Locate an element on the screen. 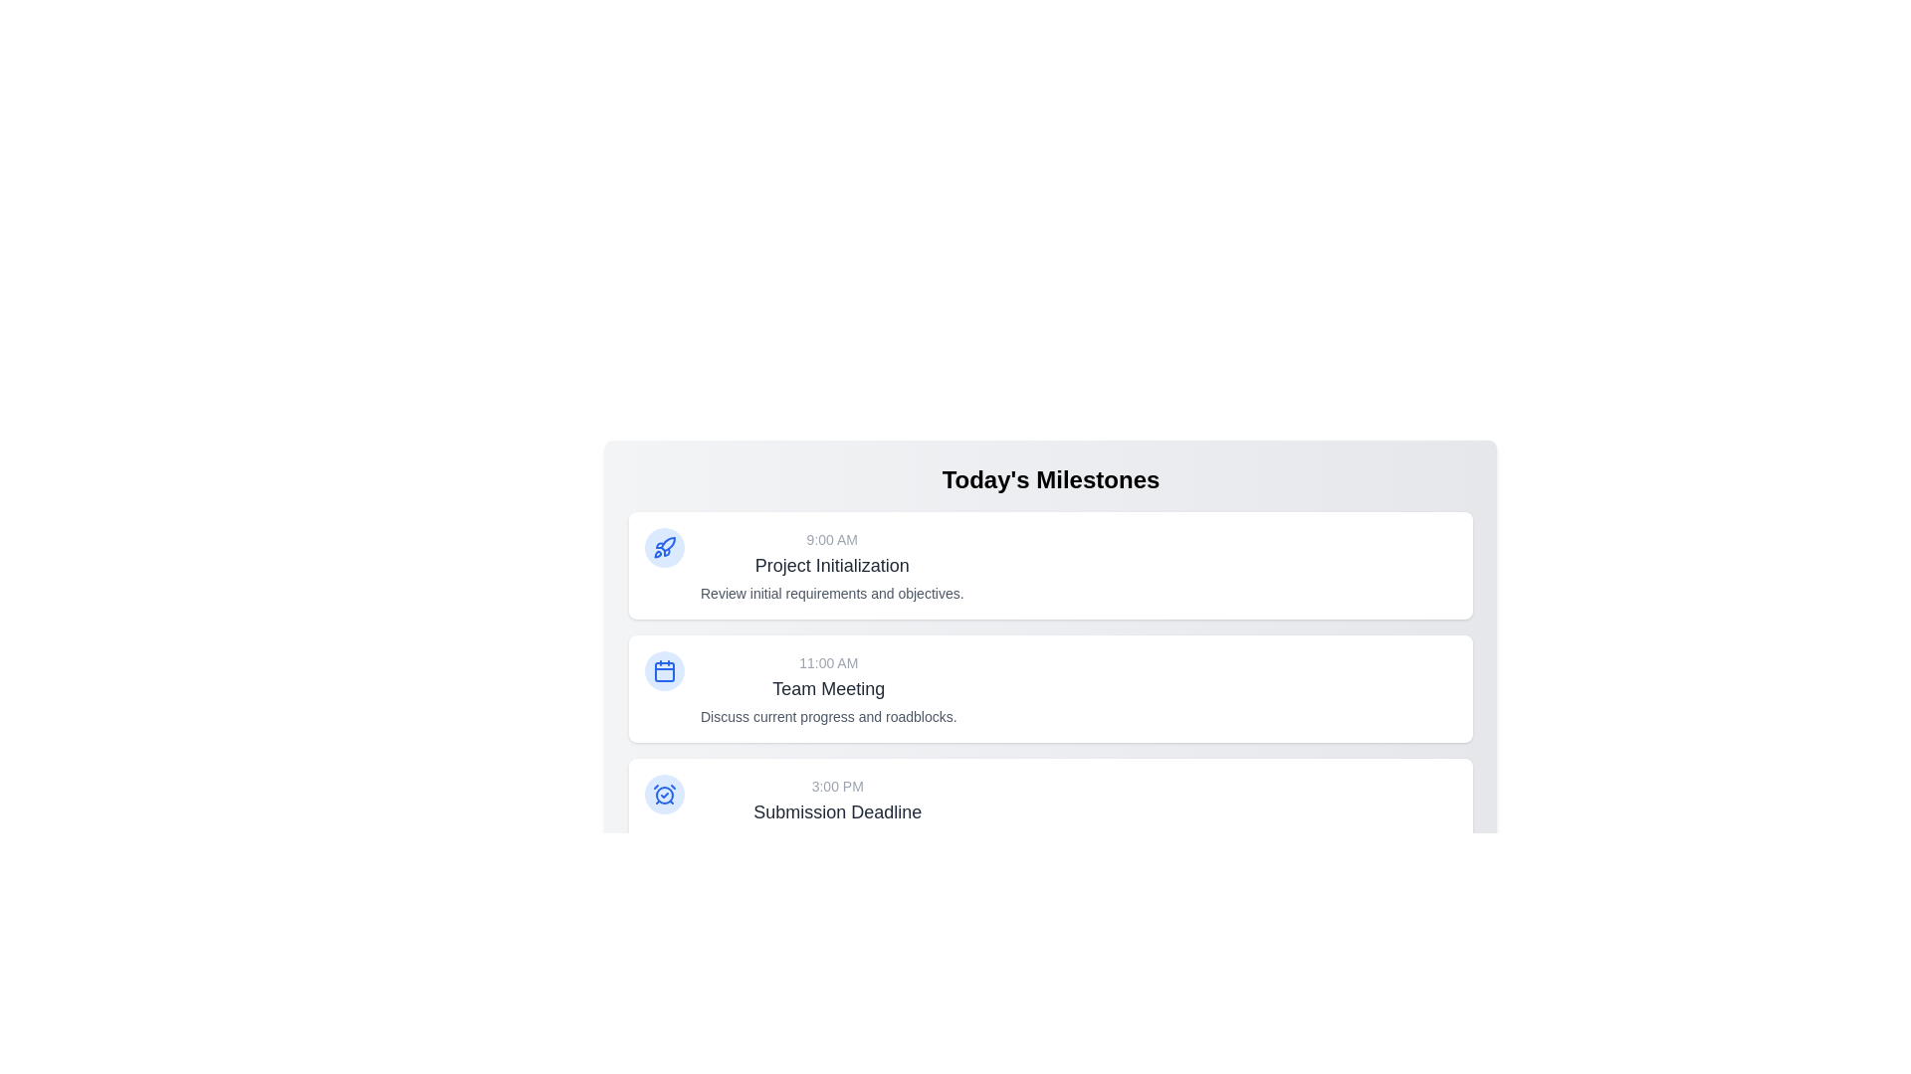 This screenshot has width=1911, height=1074. the static text label displaying the time '11:00 AM' associated with the 'Team Meeting' event is located at coordinates (828, 663).